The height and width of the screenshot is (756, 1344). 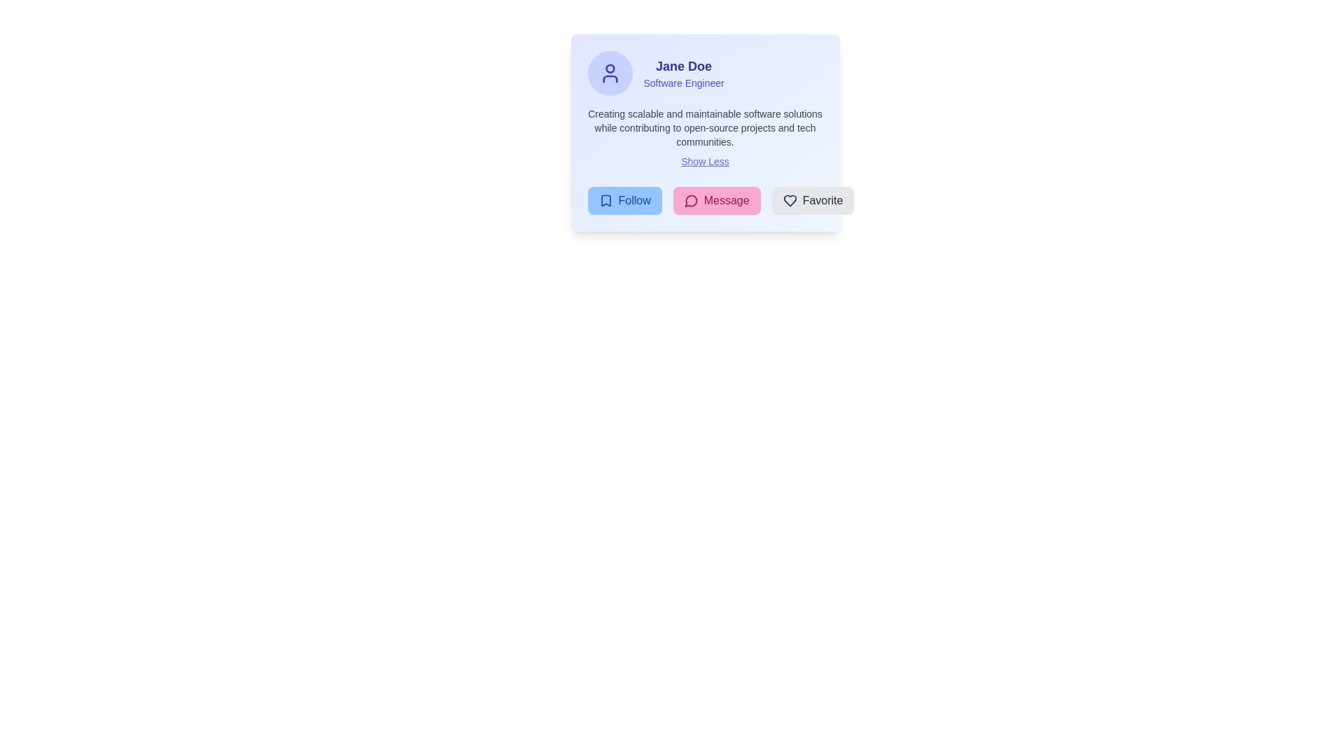 I want to click on the heart-shaped icon with a black outline, which is part of the 'Favorite' button located in the bottom right corner of the user profile card, so click(x=790, y=200).